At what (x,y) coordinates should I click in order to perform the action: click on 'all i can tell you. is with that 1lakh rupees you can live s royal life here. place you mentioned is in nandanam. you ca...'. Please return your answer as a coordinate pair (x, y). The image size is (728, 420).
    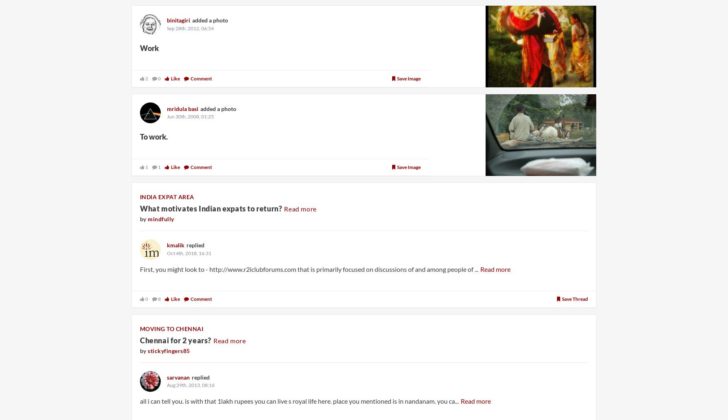
    Looking at the image, I should click on (299, 400).